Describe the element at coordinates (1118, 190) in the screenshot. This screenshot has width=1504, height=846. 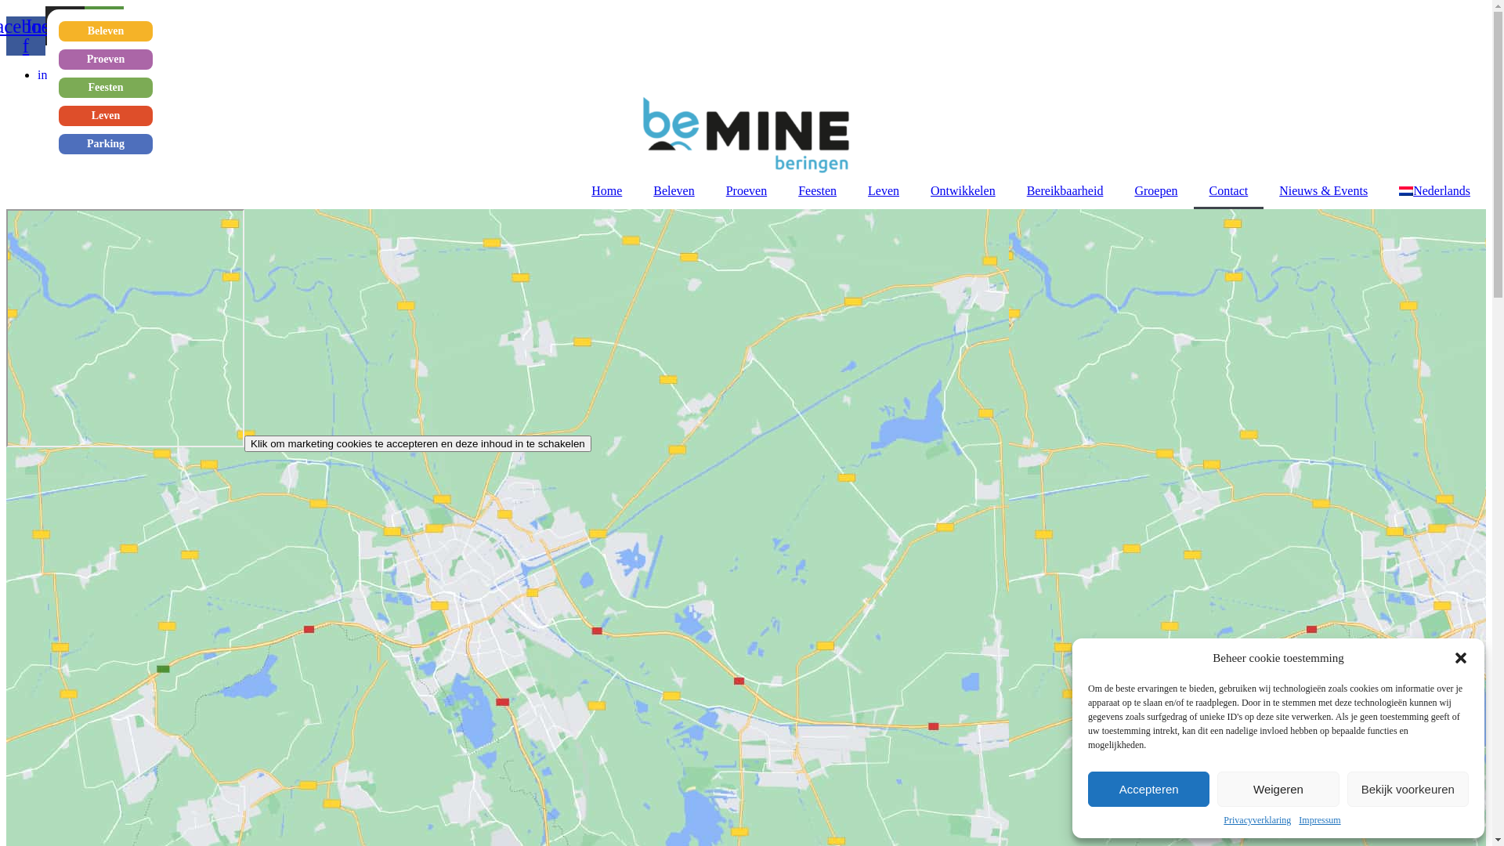
I see `'Groepen'` at that location.